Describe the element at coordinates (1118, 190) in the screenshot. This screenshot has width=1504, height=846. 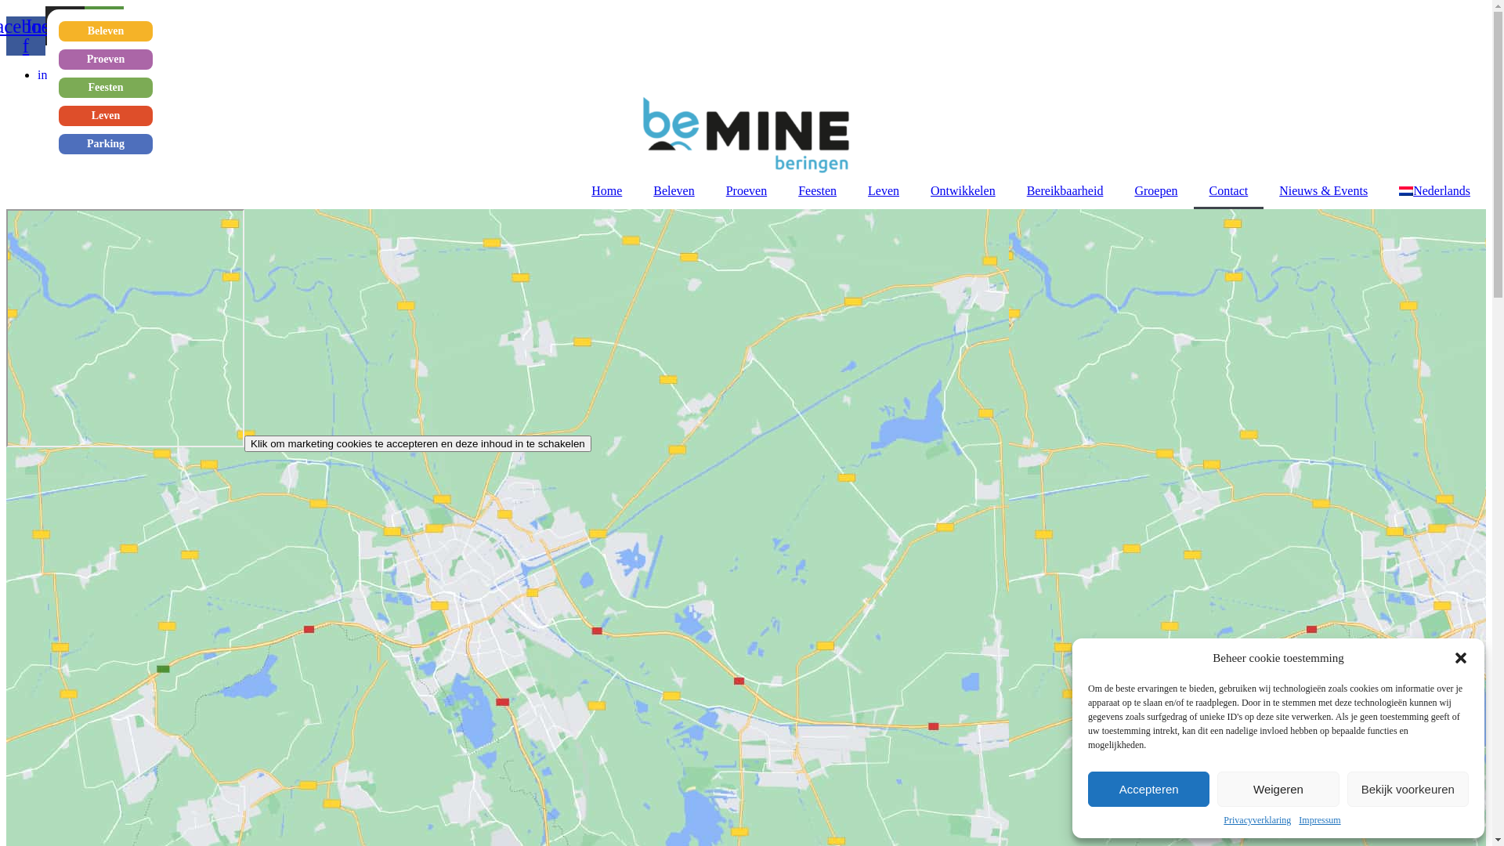
I see `'Groepen'` at that location.